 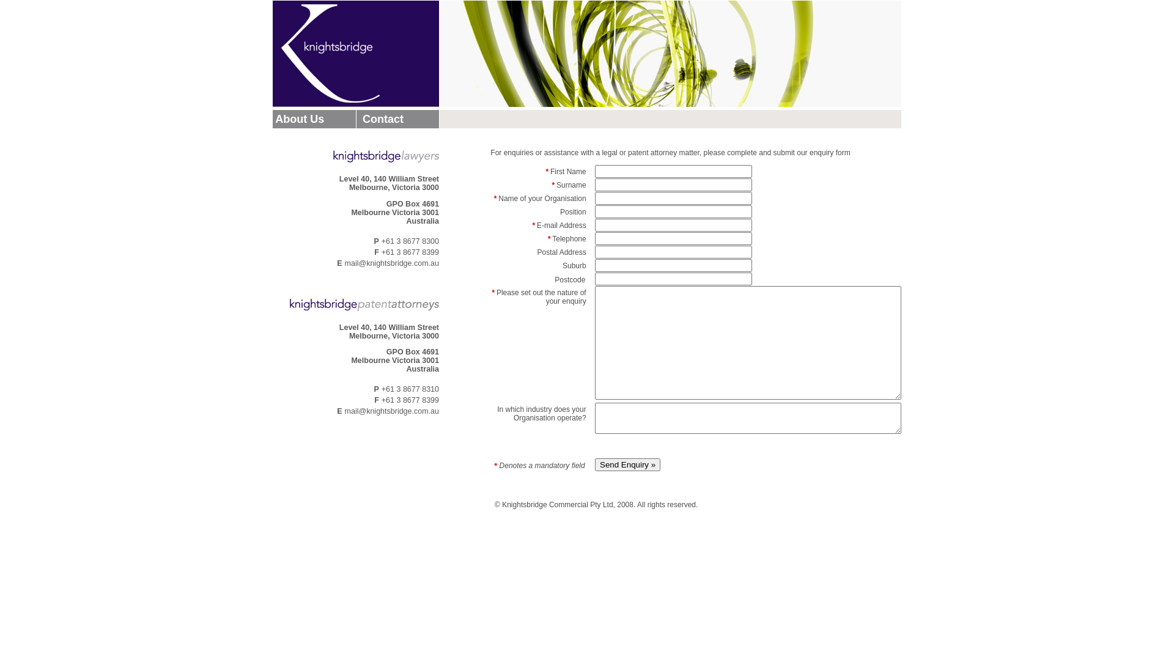 I want to click on 'Name of your Organisation', so click(x=673, y=197).